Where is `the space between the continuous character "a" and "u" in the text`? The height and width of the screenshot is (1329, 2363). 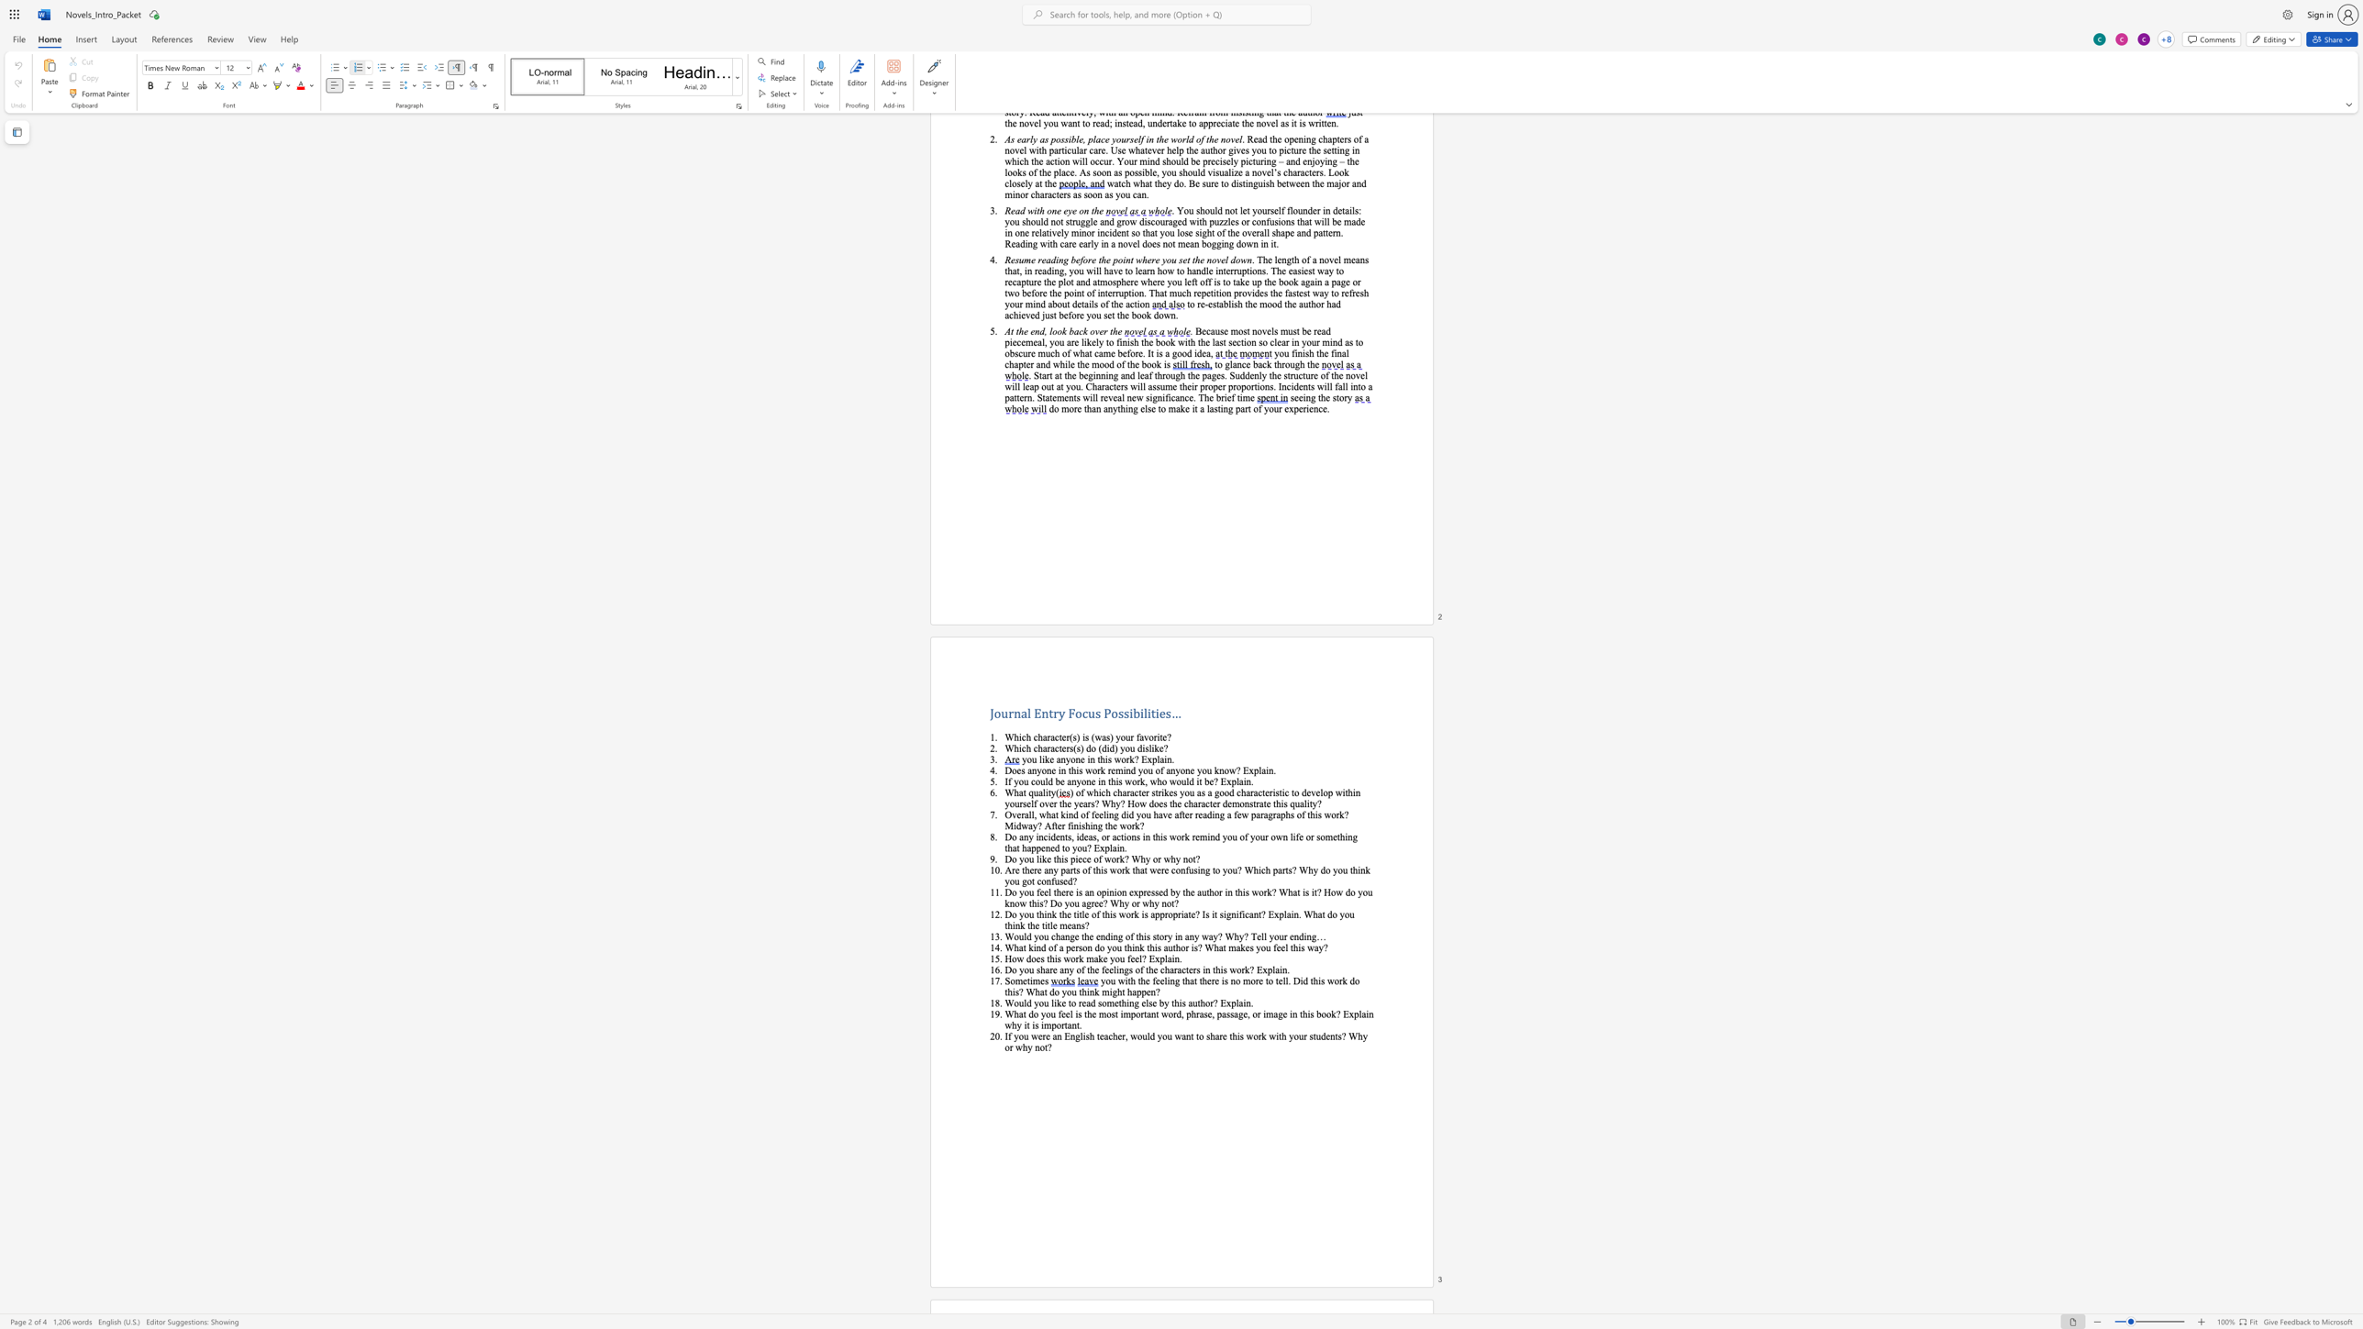 the space between the continuous character "a" and "u" in the text is located at coordinates (1193, 1002).